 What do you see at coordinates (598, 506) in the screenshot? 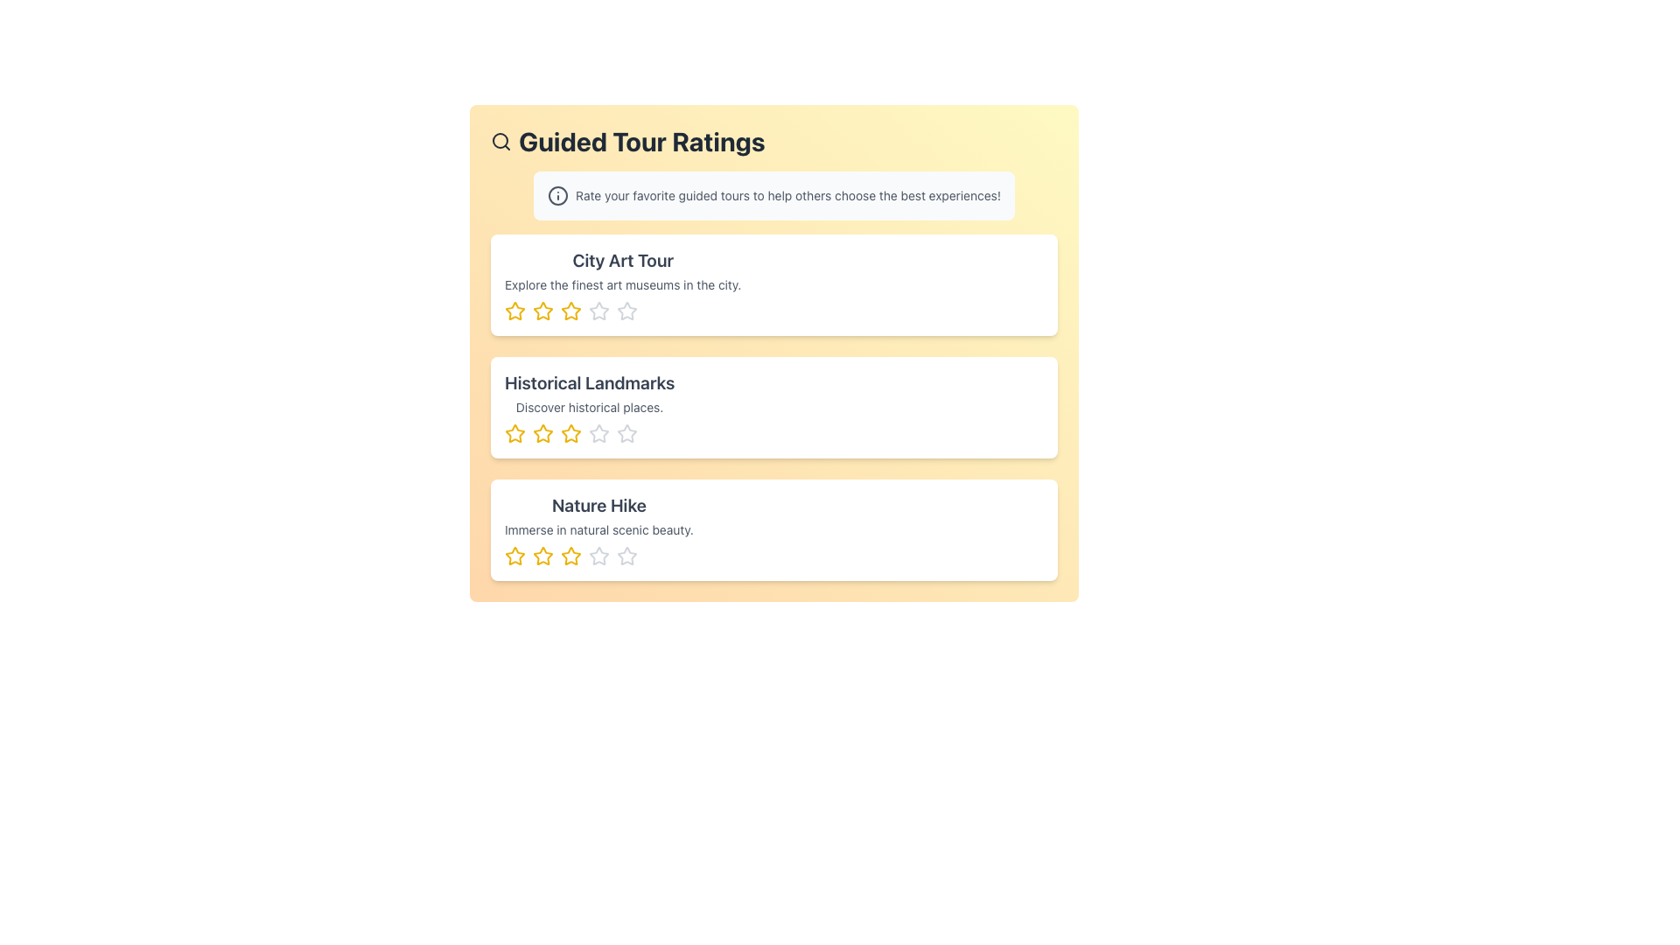
I see `text label titled 'Nature Hike', which is bold and larger than surrounding text, indicating it serves as a header in the card layout for tours` at bounding box center [598, 506].